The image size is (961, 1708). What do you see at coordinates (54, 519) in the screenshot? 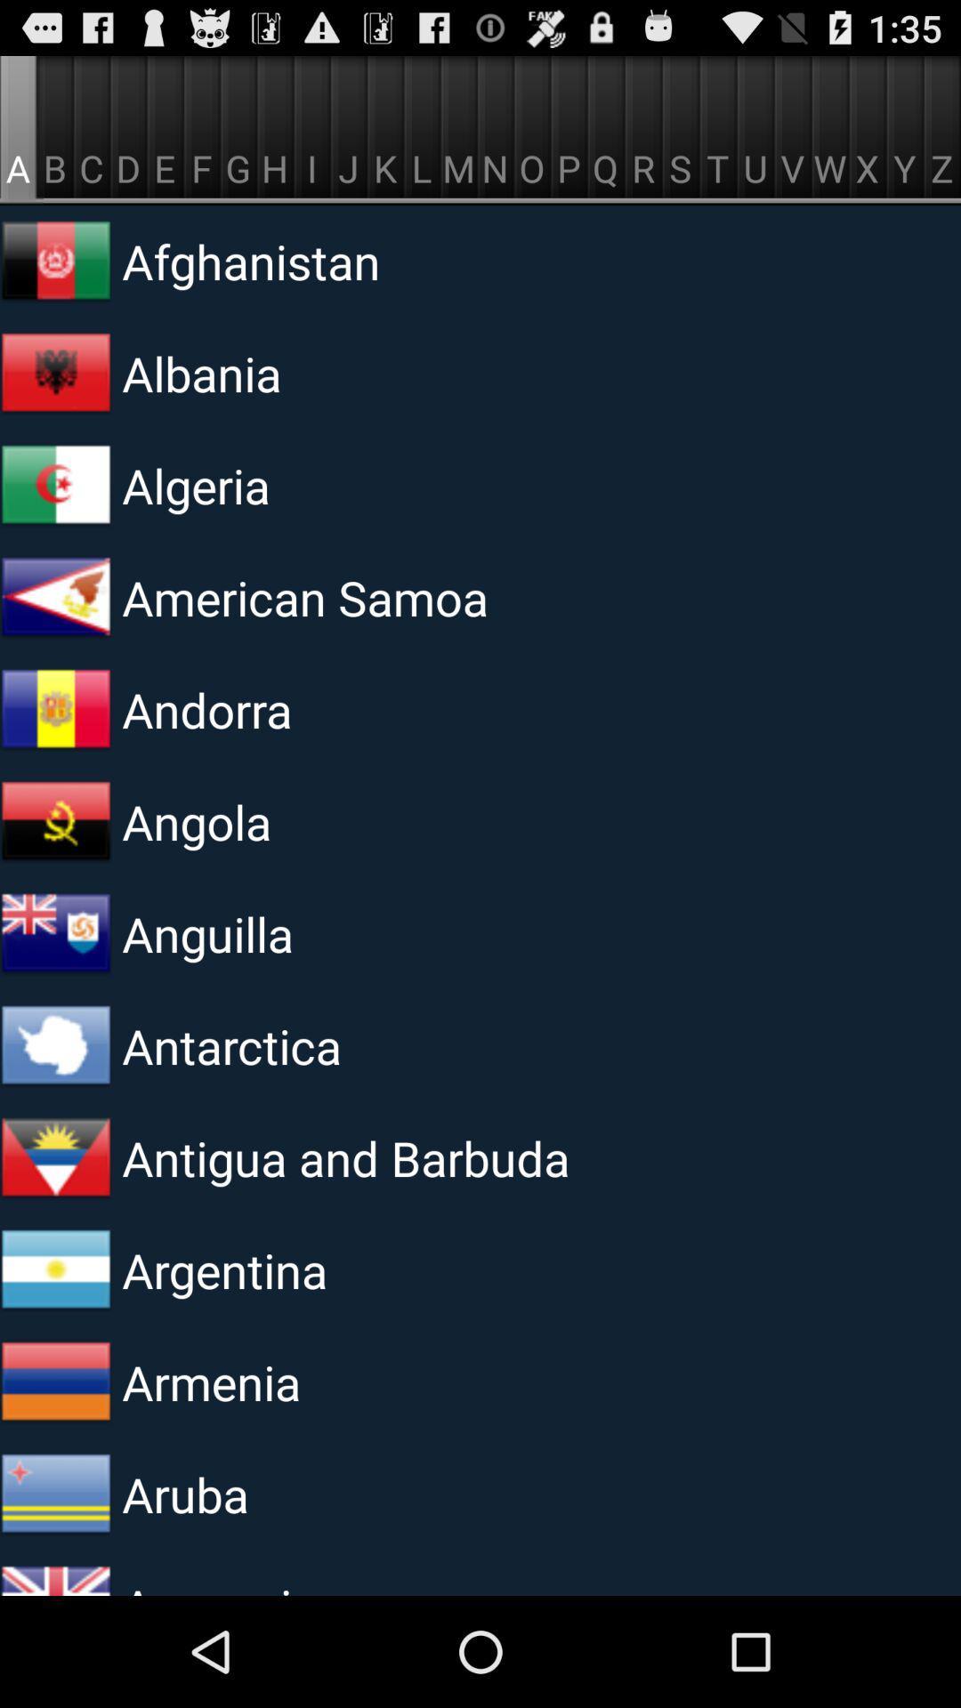
I see `the more icon` at bounding box center [54, 519].